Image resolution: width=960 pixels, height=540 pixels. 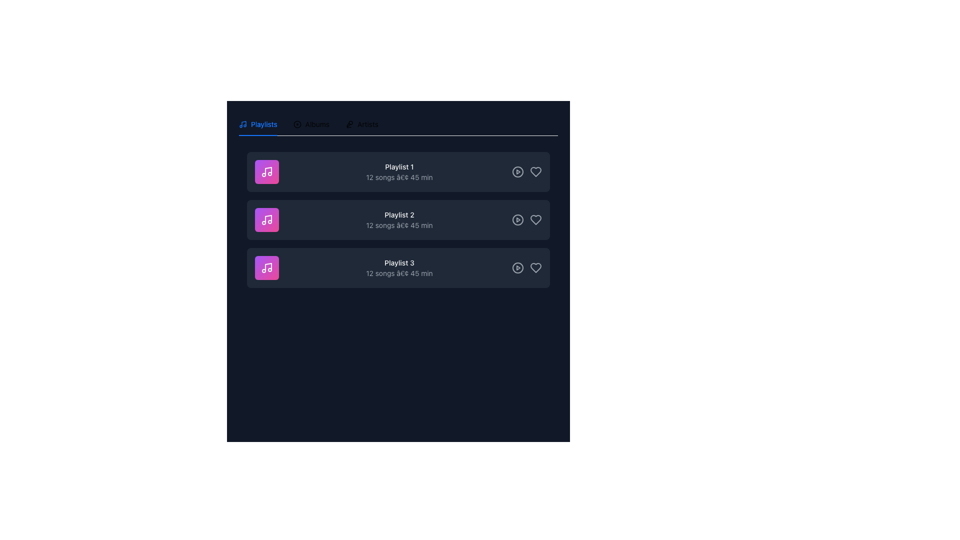 What do you see at coordinates (266, 219) in the screenshot?
I see `the square card icon with a gradient background transitioning from purple to pink, which contains a white musical note icon, located at the left side of the second entry in a vertical list of playlist items, aligned with the 'Playlist 2' text` at bounding box center [266, 219].